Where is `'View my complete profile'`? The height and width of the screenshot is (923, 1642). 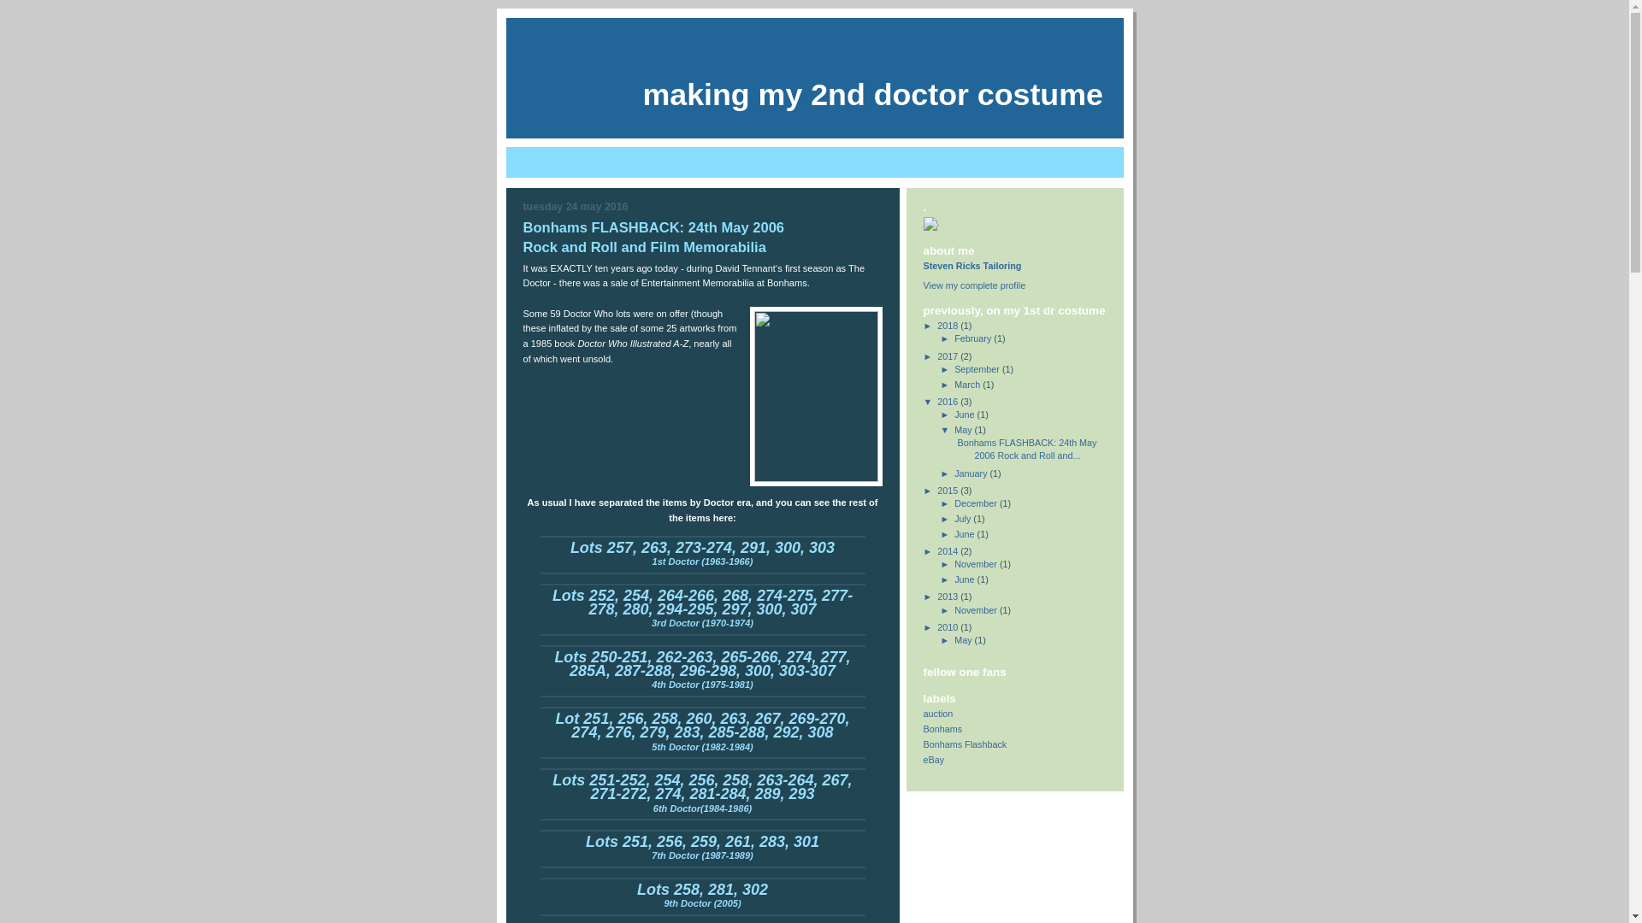 'View my complete profile' is located at coordinates (975, 285).